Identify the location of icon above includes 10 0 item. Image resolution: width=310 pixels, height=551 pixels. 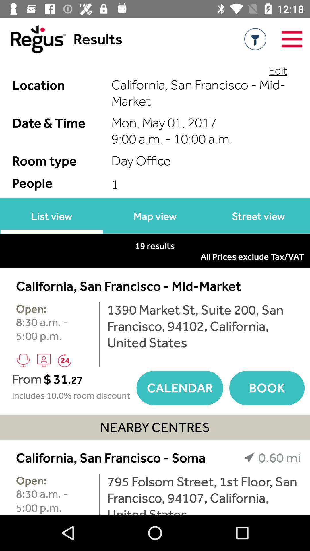
(89, 379).